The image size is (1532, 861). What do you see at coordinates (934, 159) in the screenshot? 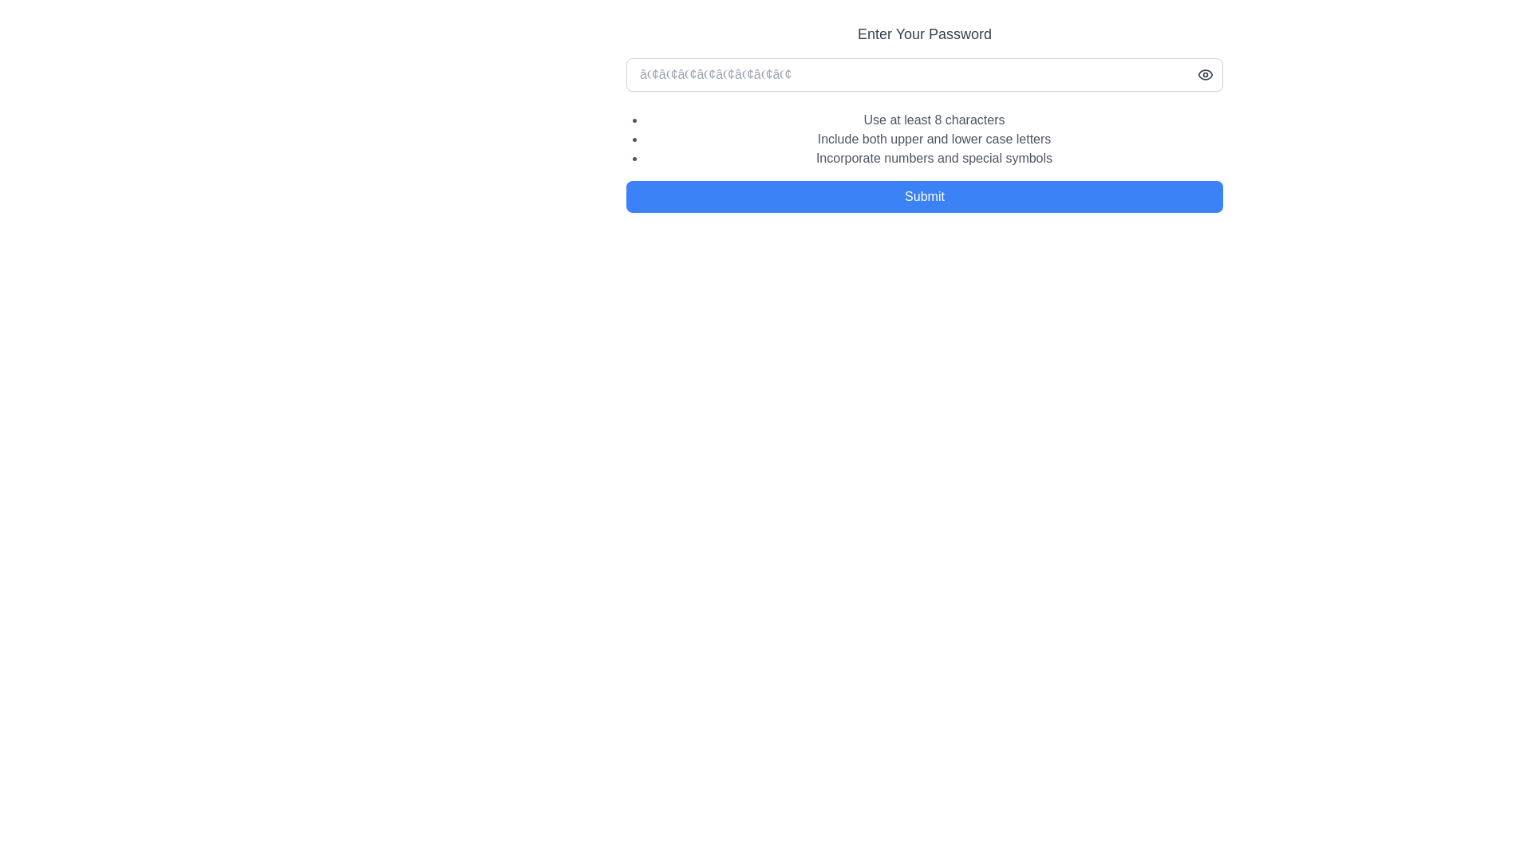
I see `the instructional text element that provides guidance on password composition, located below the text 'Include both upper and lower case letters' and above the 'Submit' button` at bounding box center [934, 159].